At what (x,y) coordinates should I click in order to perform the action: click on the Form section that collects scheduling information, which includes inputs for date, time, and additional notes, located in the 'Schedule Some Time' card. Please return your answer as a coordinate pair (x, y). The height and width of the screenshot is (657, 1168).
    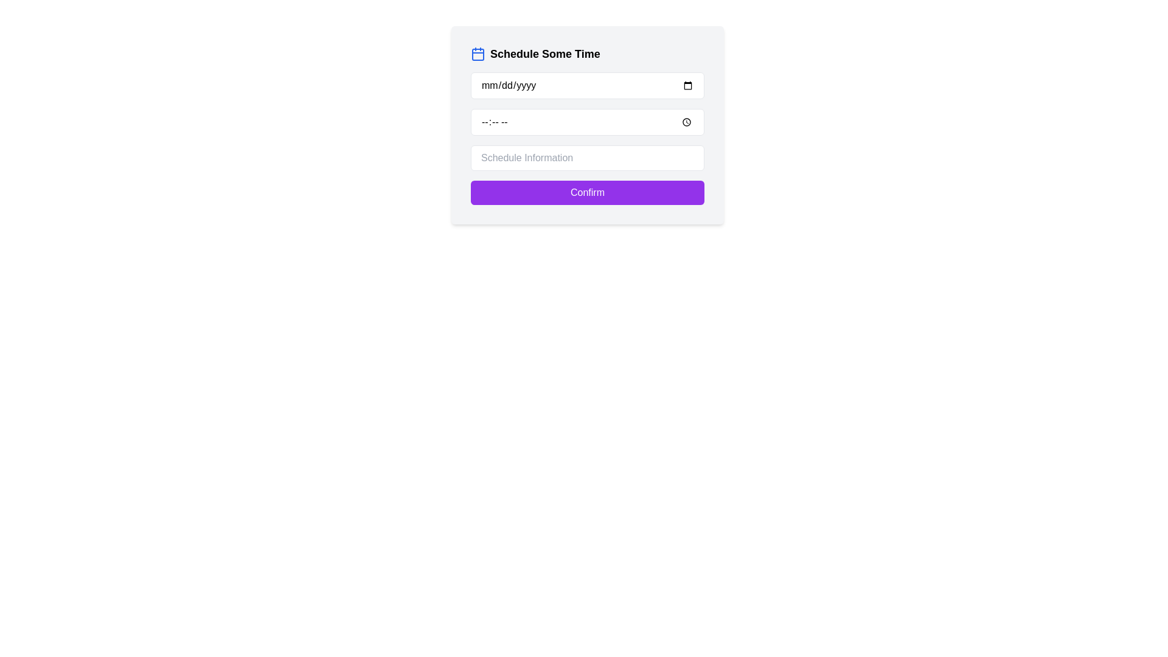
    Looking at the image, I should click on (587, 137).